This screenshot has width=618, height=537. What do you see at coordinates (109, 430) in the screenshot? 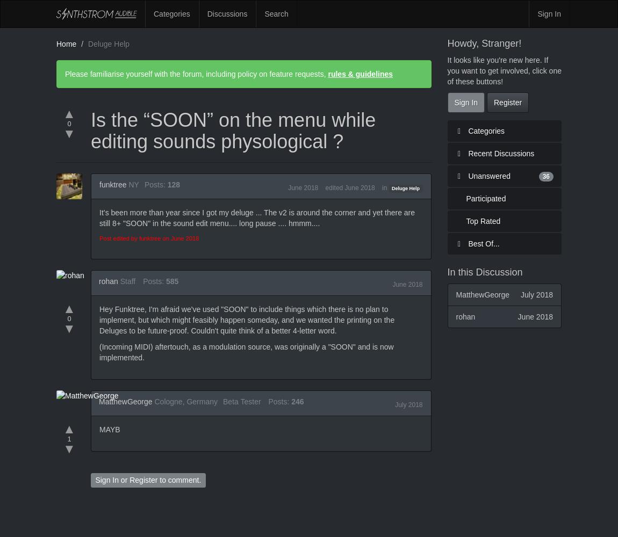
I see `'MAYB'` at bounding box center [109, 430].